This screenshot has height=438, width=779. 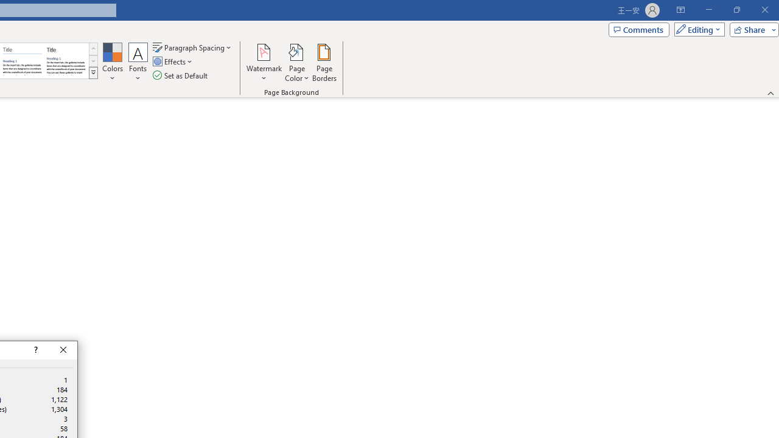 I want to click on 'Close', so click(x=63, y=350).